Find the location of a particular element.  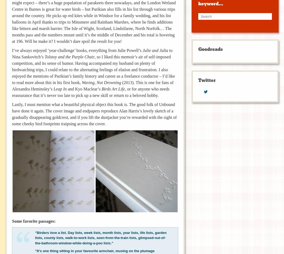

'Goodreads' is located at coordinates (198, 49).